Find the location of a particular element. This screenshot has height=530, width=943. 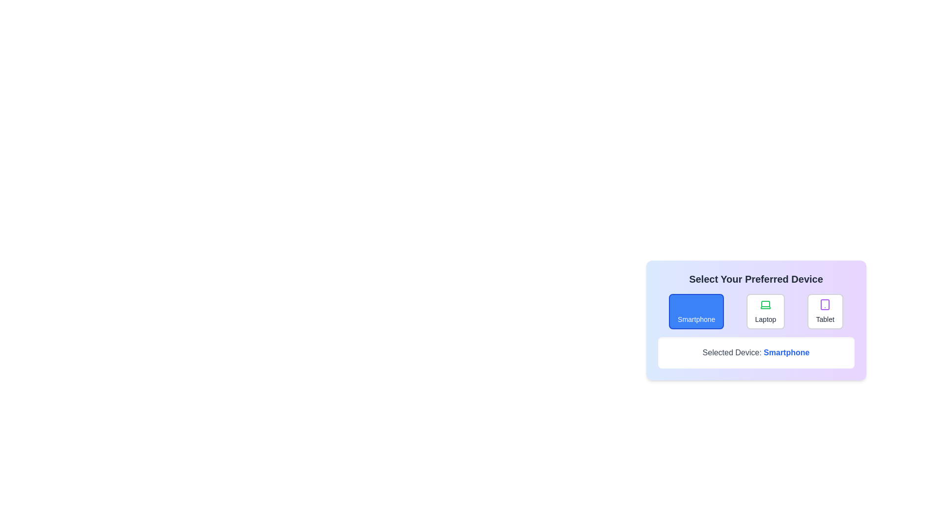

the header Text Label that indicates device selection options for 'Smartphone', 'Laptop', and 'Tablet' is located at coordinates (755, 279).